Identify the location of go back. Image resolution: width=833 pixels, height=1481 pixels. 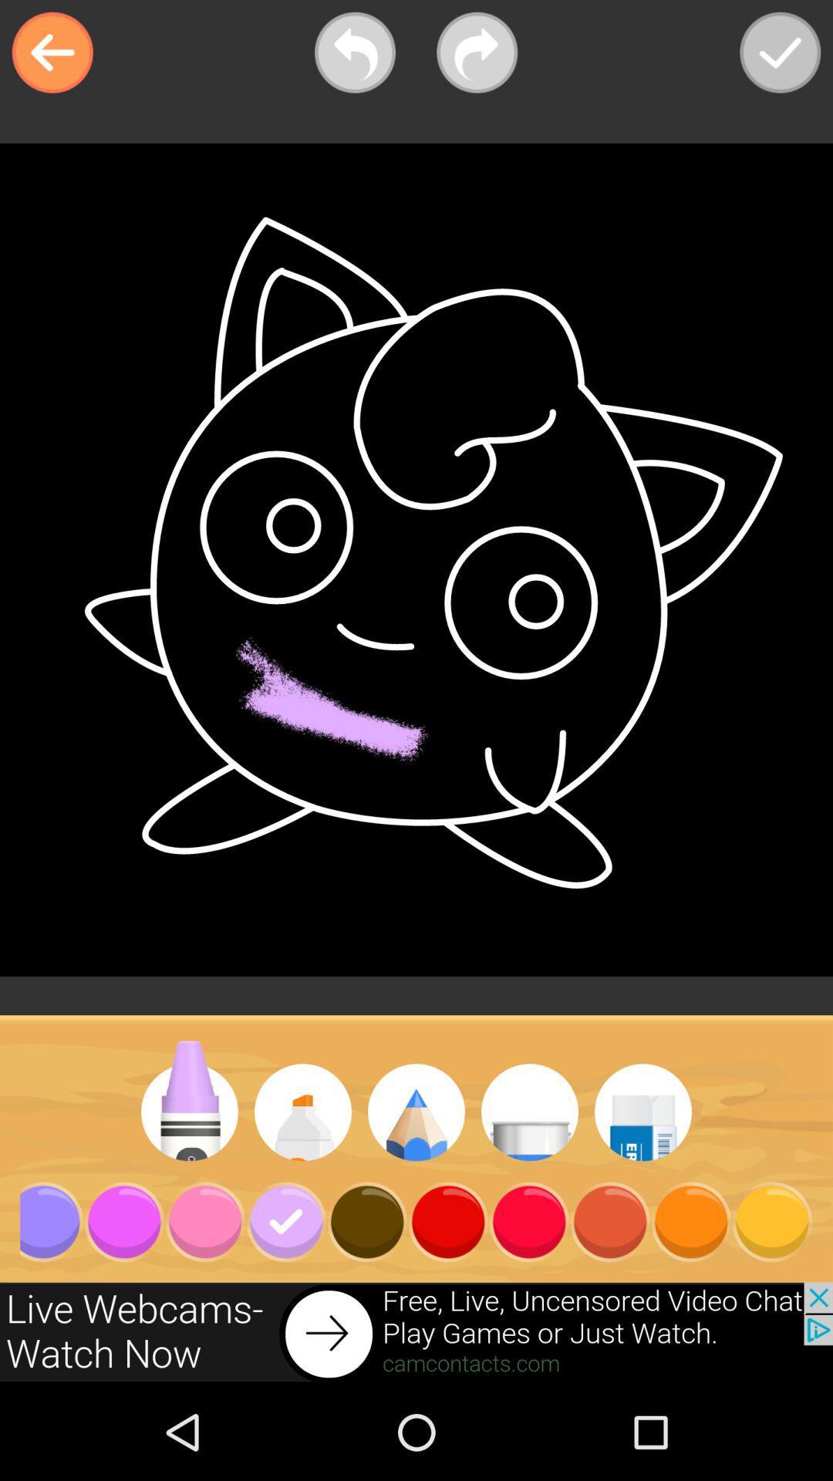
(52, 52).